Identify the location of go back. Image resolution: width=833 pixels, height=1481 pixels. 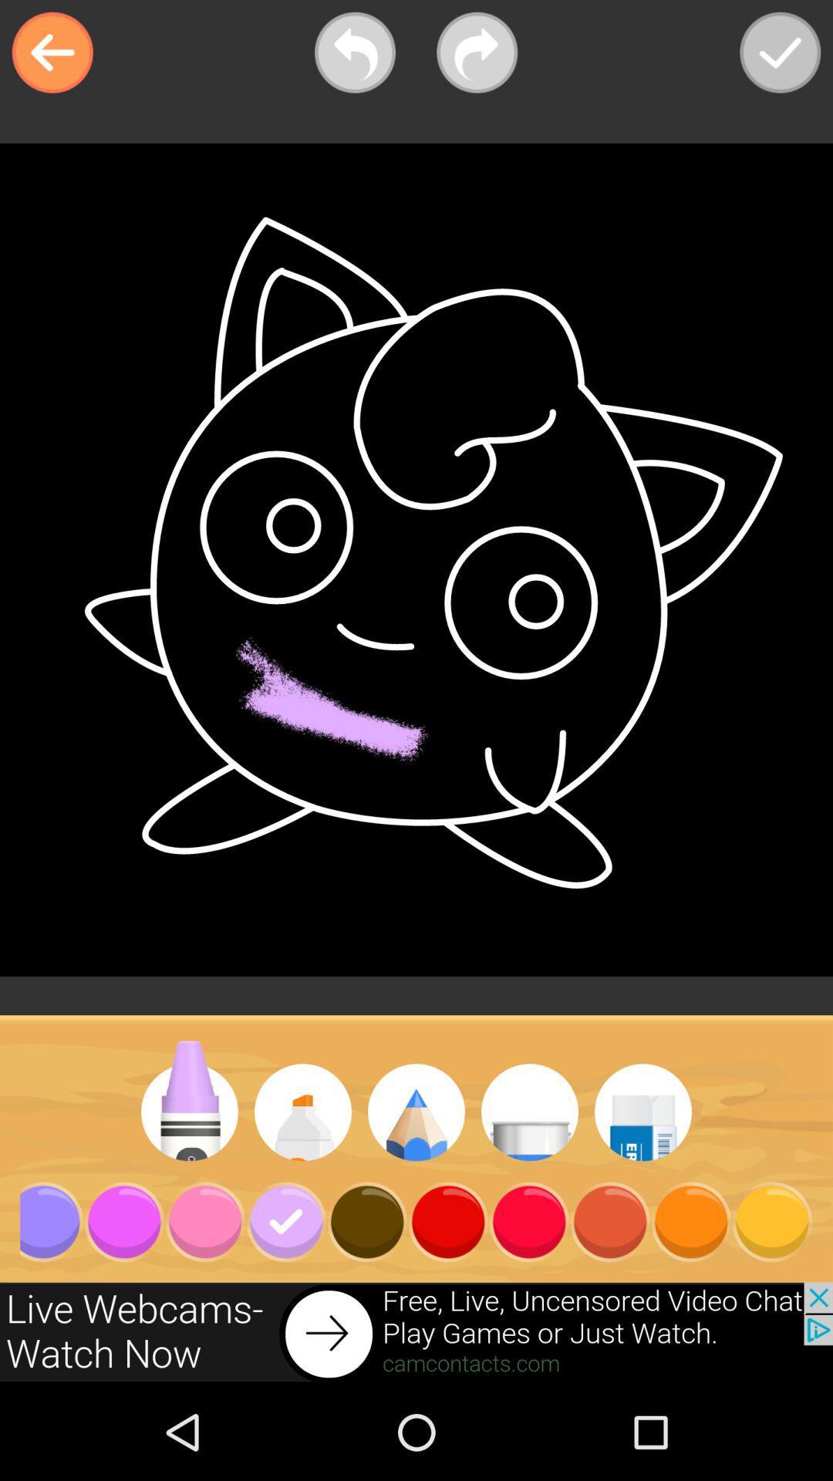
(52, 52).